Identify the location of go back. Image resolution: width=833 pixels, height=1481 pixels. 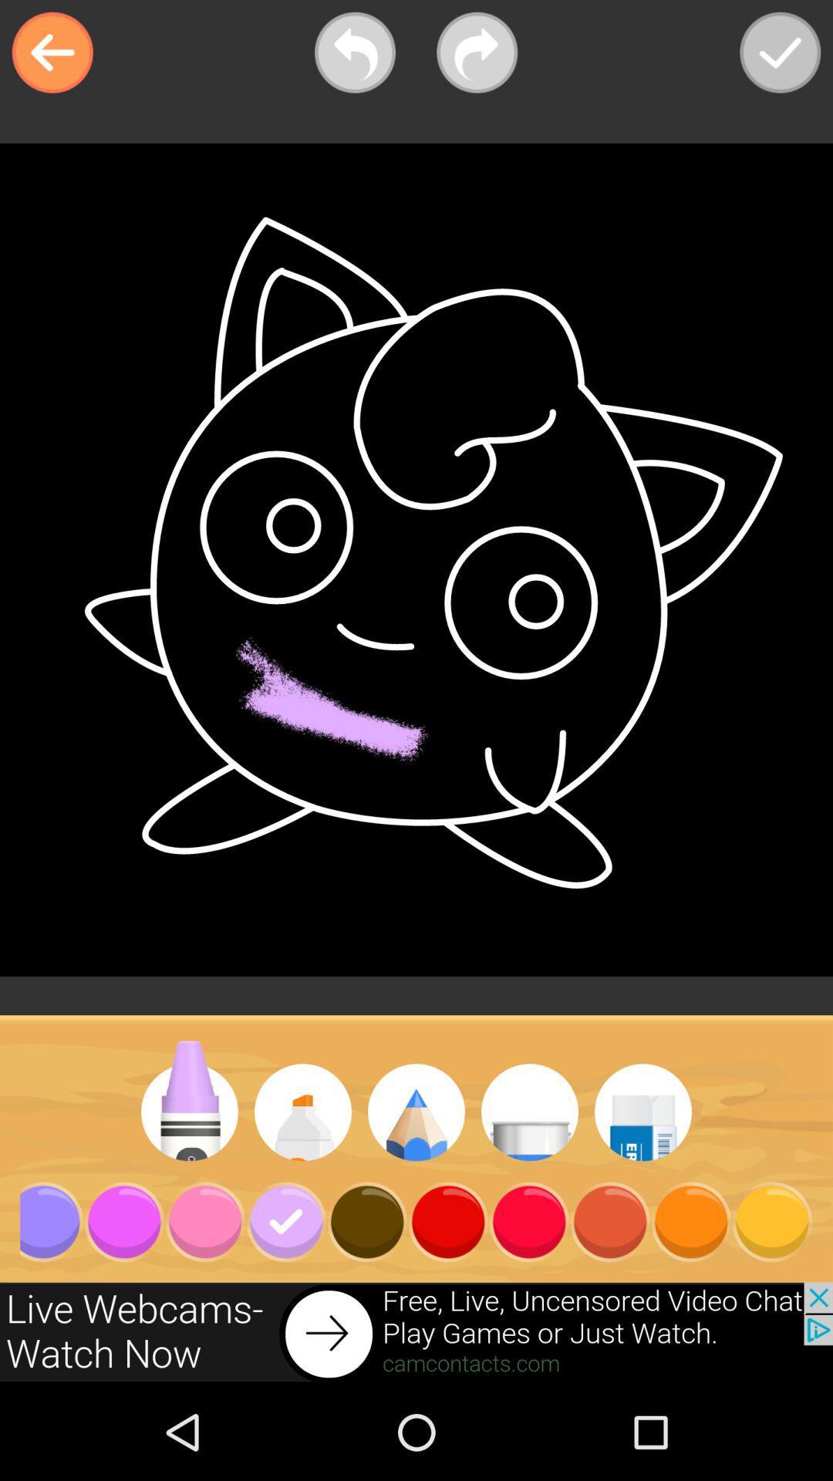
(52, 52).